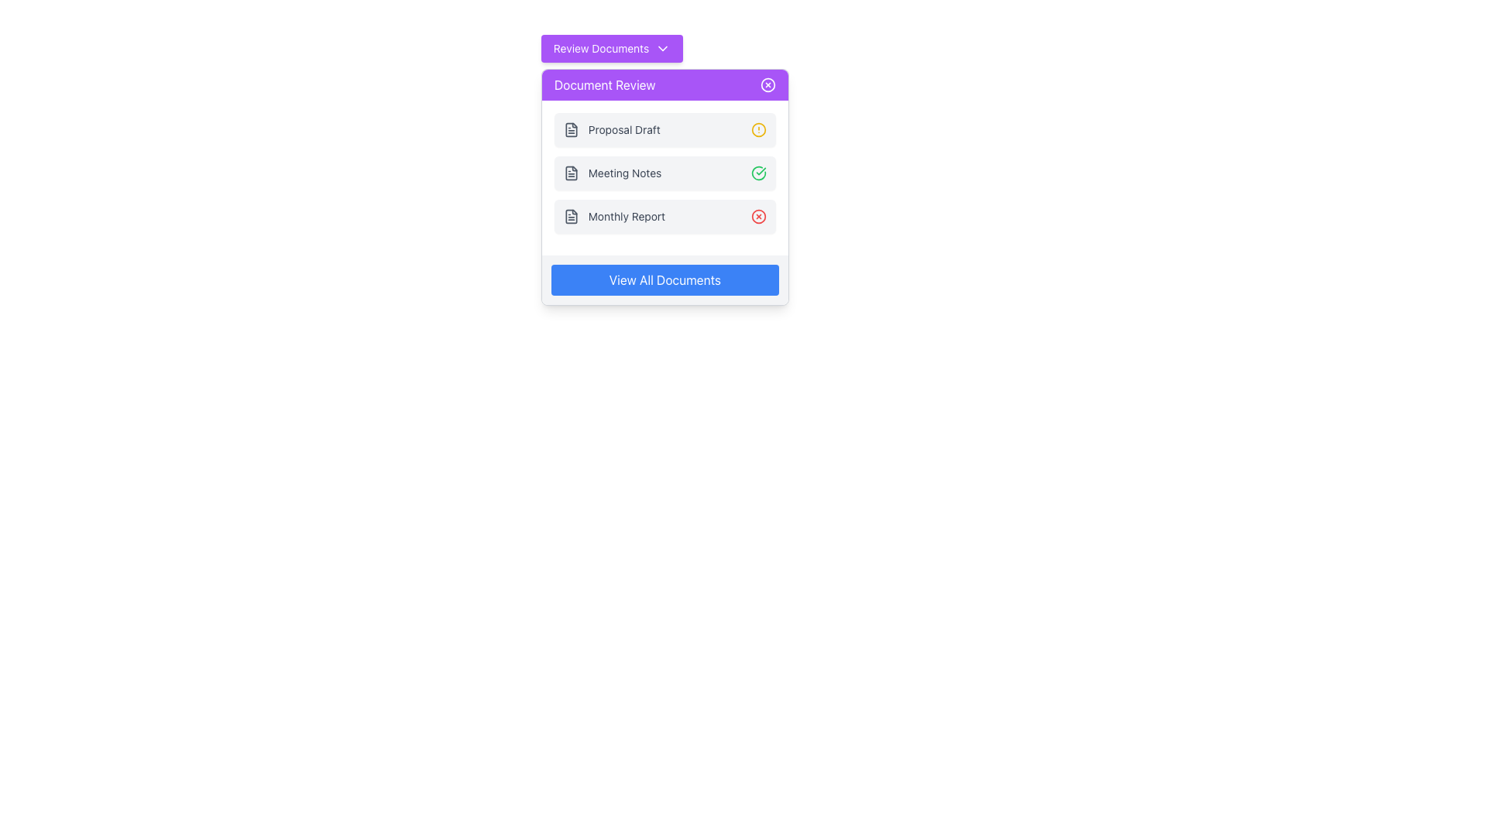 The image size is (1487, 836). Describe the element at coordinates (758, 173) in the screenshot. I see `the green circular checkmark icon that indicates approval, located to the right of the 'Meeting Notes' text entry in the list` at that location.